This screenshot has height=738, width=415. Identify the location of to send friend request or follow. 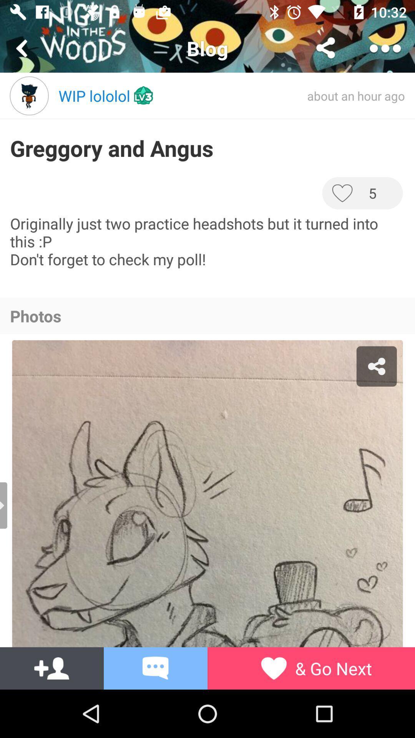
(52, 668).